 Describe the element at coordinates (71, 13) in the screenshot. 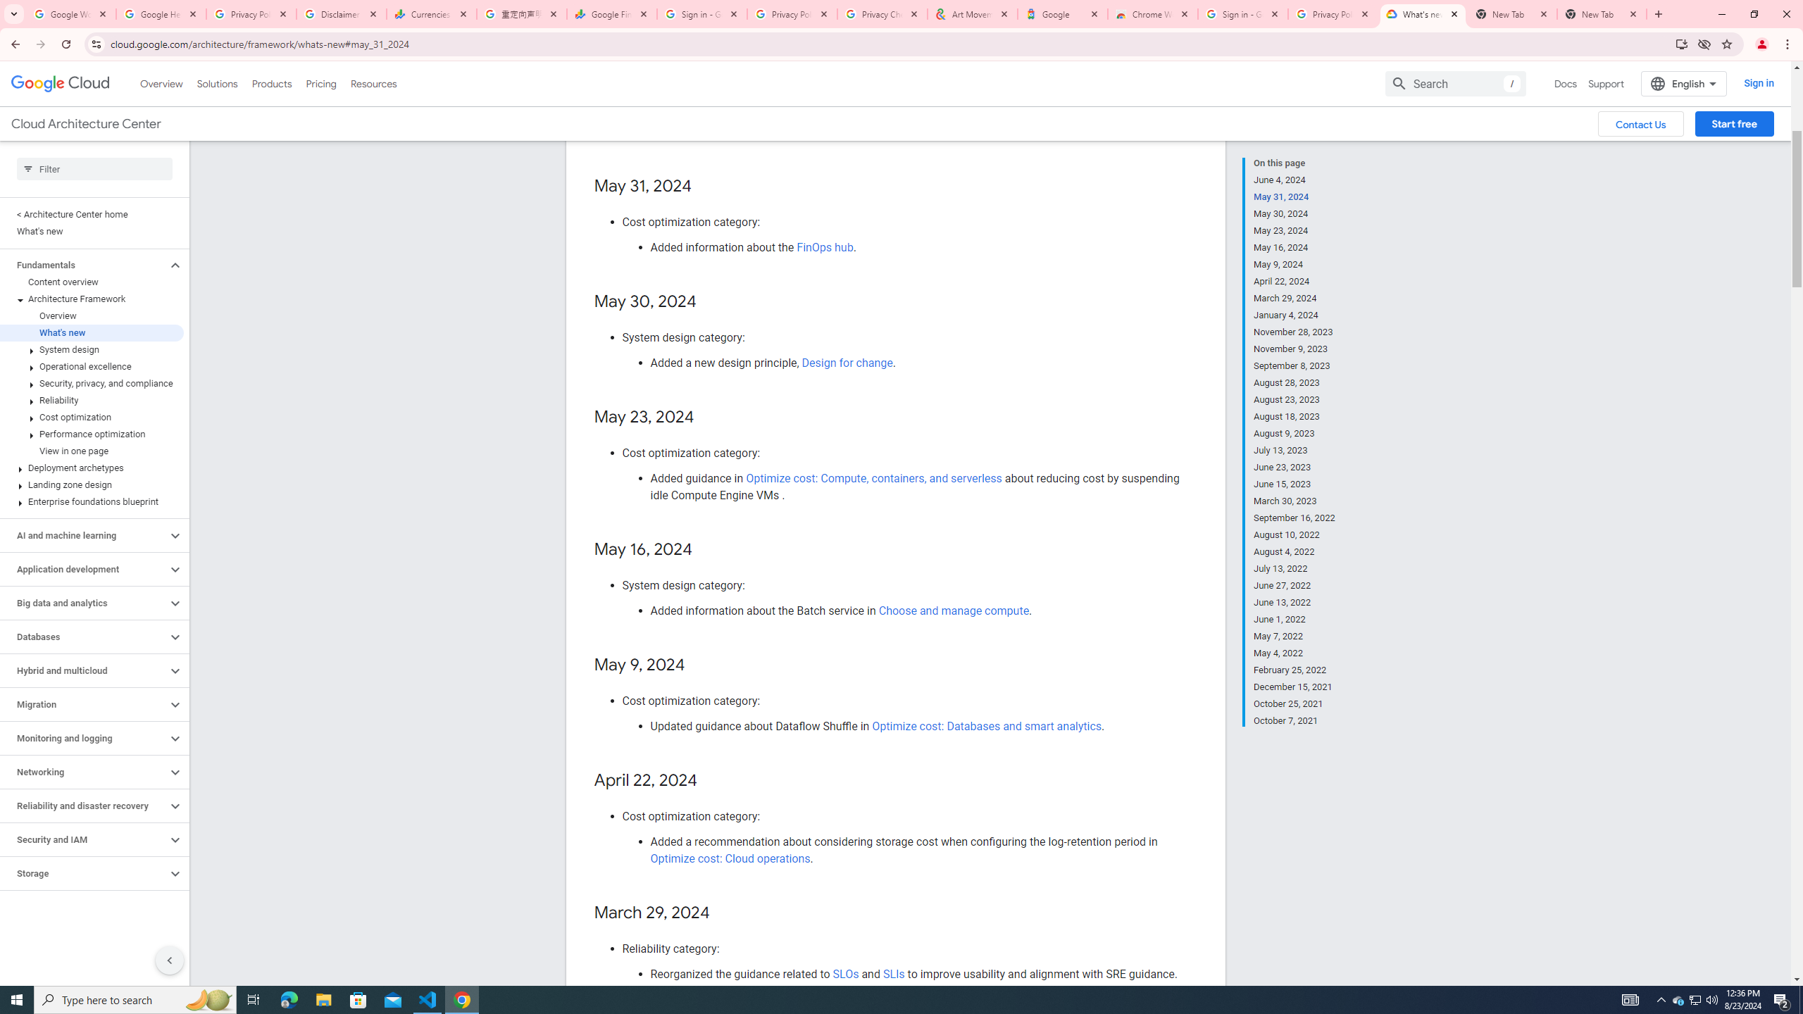

I see `'Google Workspace Admin Community'` at that location.